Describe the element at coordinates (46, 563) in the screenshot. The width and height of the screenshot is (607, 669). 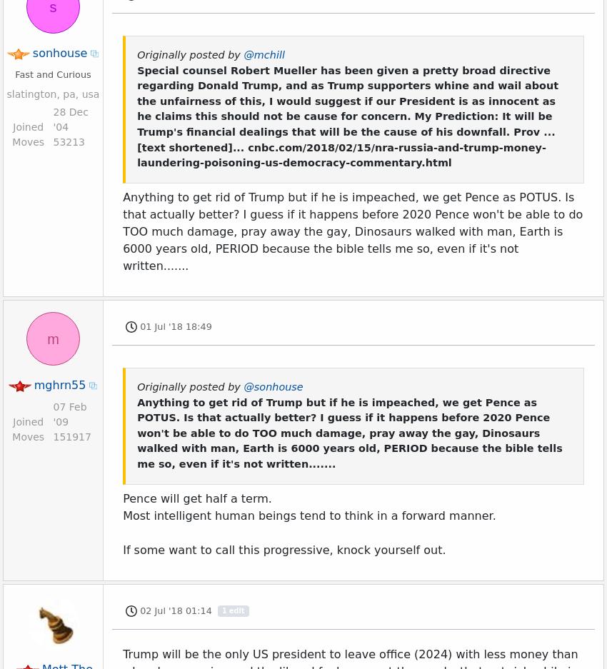
I see `'New User'` at that location.